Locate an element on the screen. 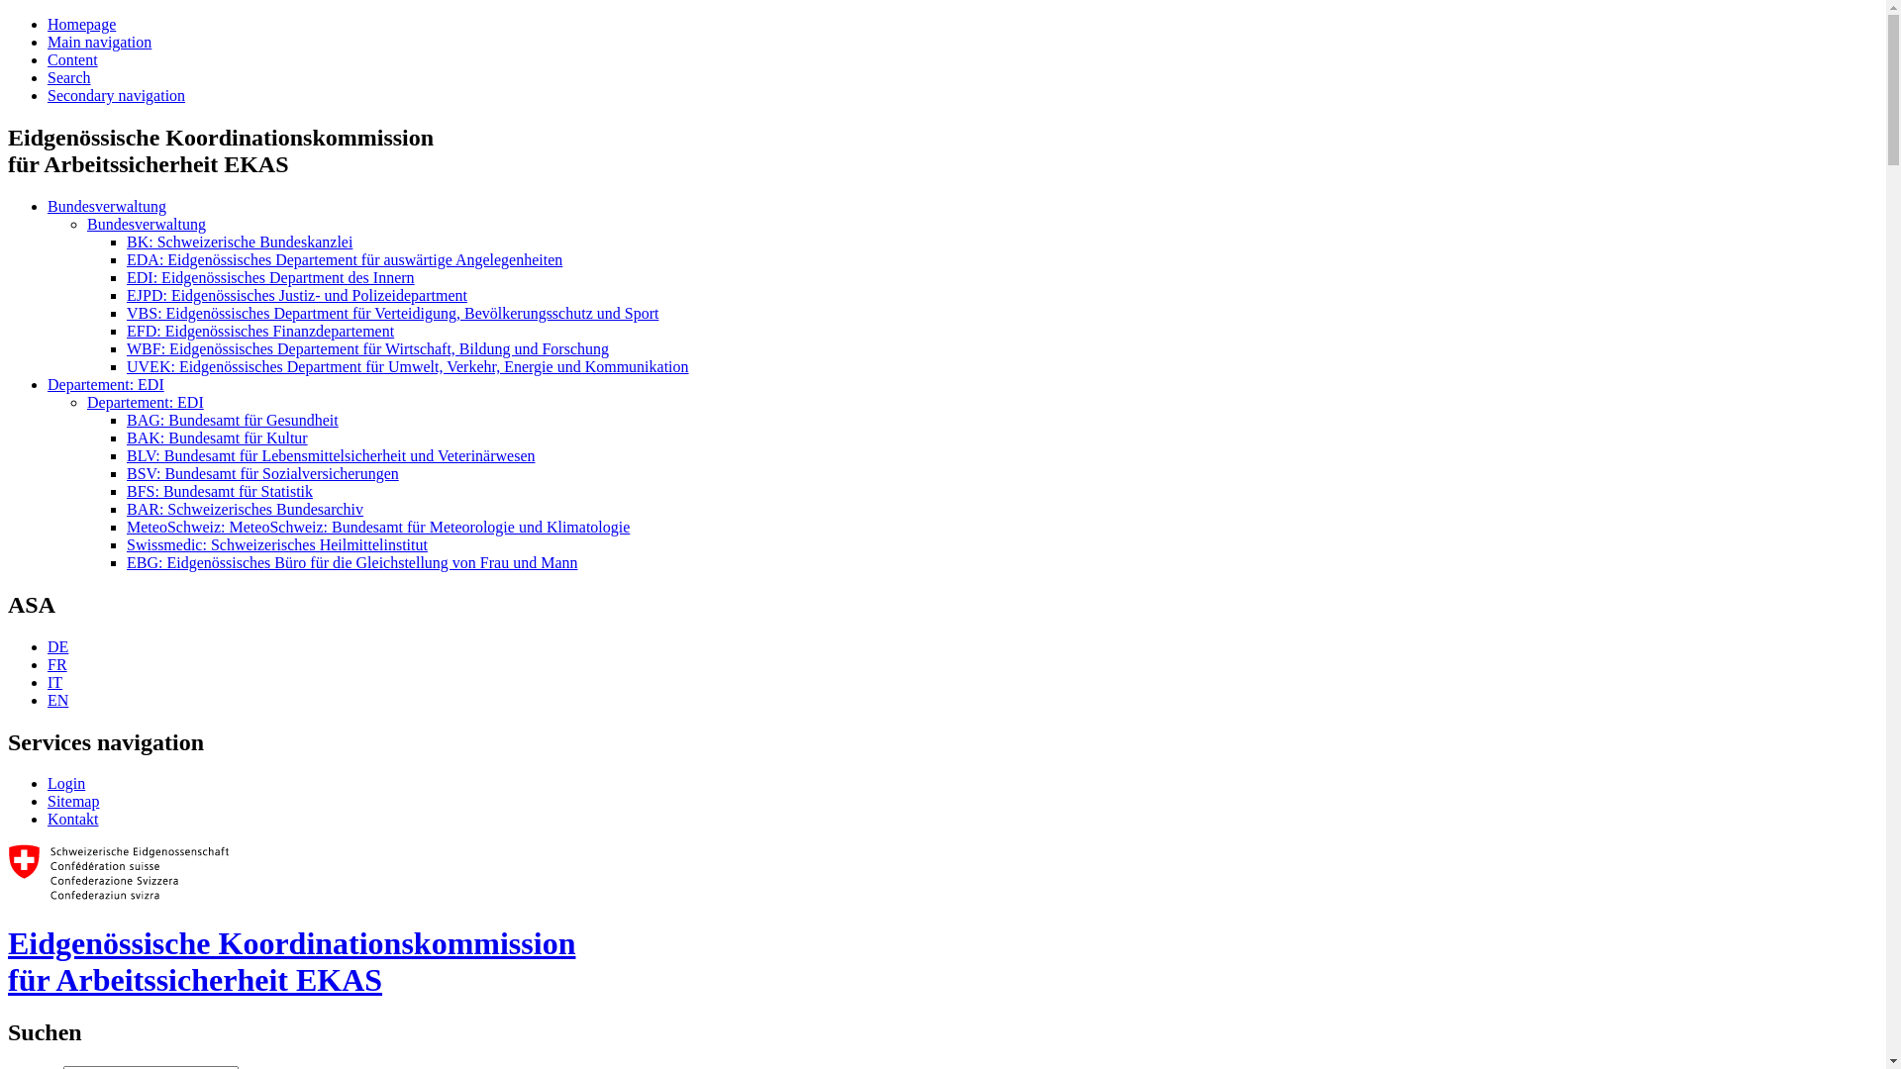  'Homepage' is located at coordinates (80, 24).